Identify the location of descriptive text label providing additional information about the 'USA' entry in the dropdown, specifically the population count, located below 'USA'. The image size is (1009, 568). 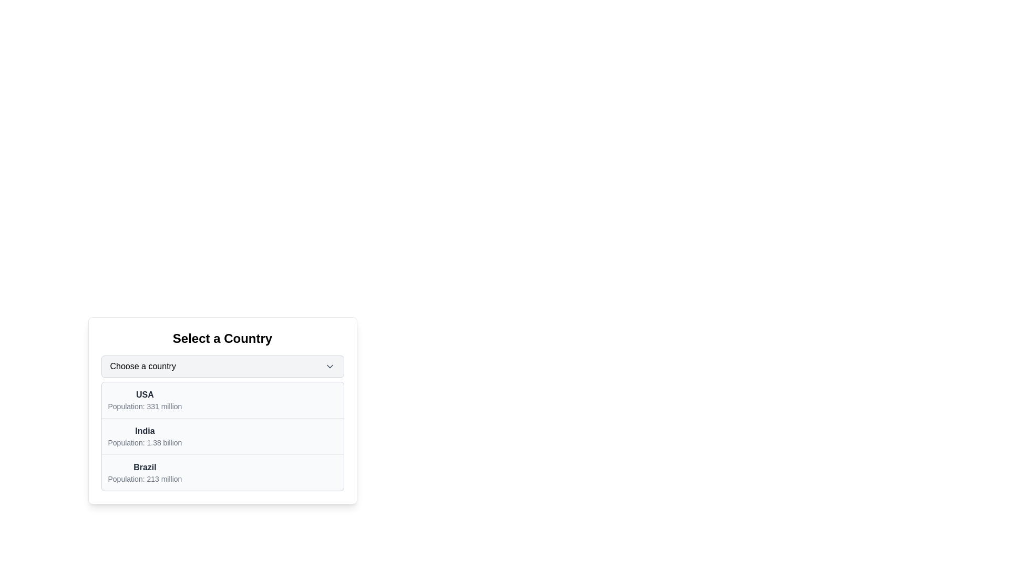
(144, 405).